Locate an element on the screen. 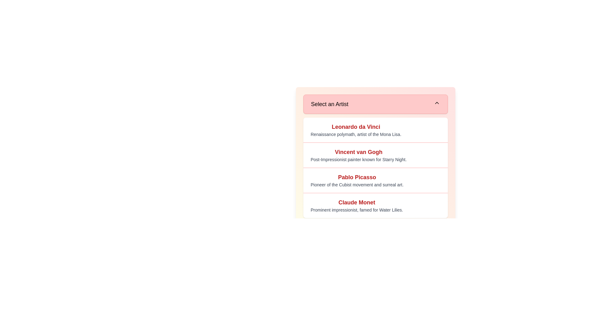 The image size is (598, 336). an artist option from the 'Select an Artist' dropdown menu, which features a title at the top and four clickable artist names listed below is located at coordinates (375, 156).